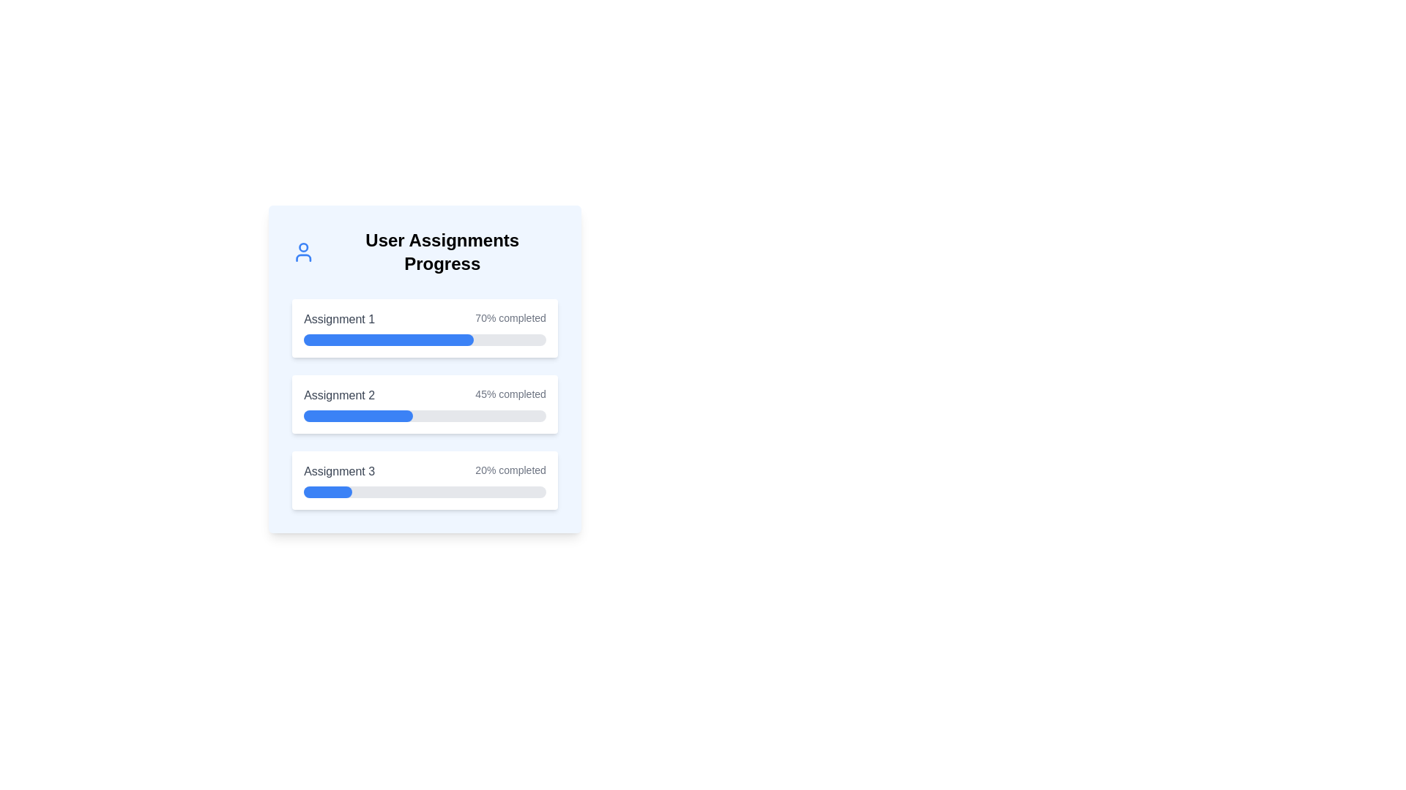  What do you see at coordinates (358, 416) in the screenshot?
I see `the filled part of the progress bar for 'Assignment 2'` at bounding box center [358, 416].